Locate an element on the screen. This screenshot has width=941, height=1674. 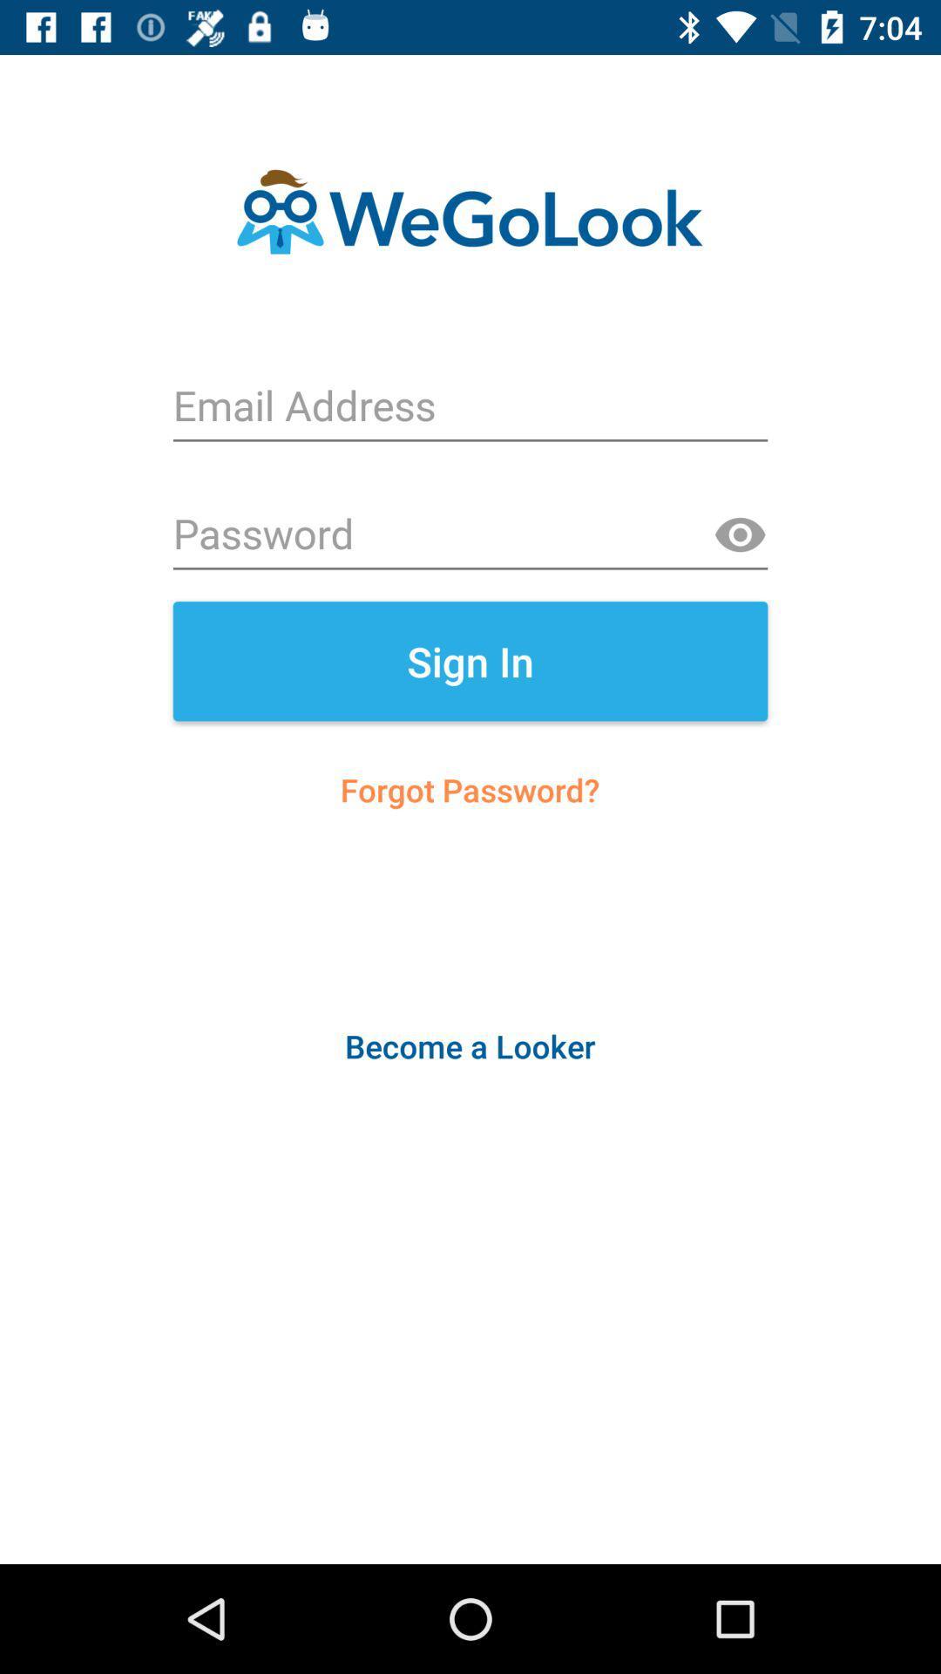
password is located at coordinates (470, 534).